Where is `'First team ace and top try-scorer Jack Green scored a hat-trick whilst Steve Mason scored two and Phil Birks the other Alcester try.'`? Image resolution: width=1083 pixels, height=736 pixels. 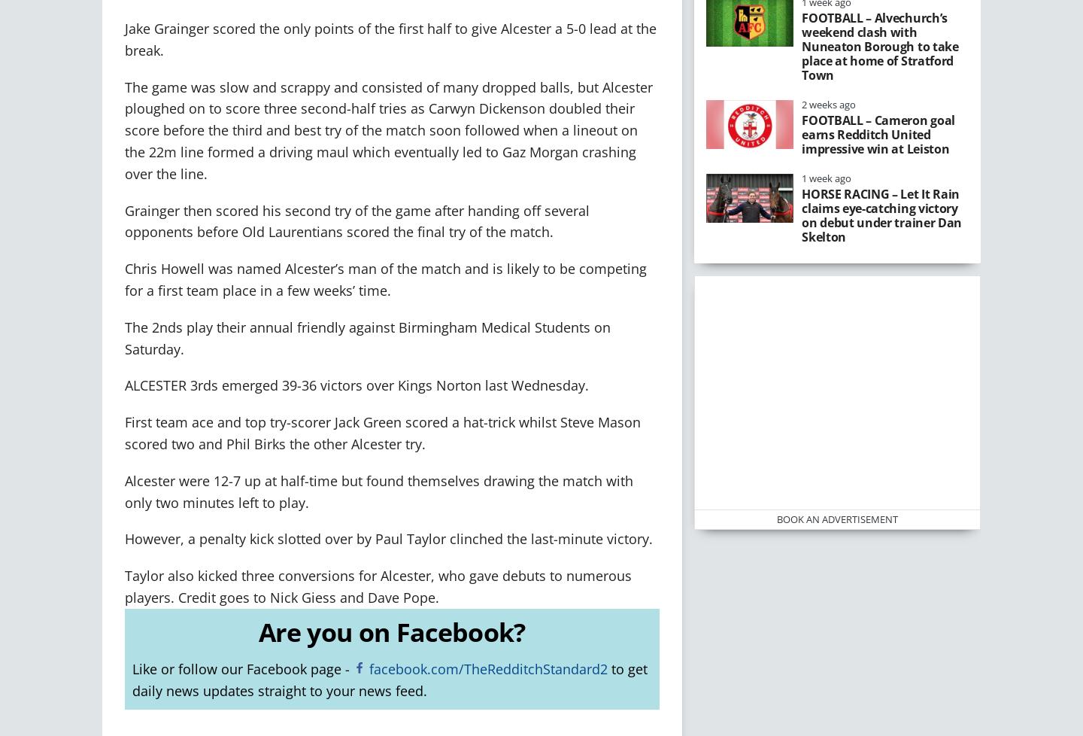 'First team ace and top try-scorer Jack Green scored a hat-trick whilst Steve Mason scored two and Phil Birks the other Alcester try.' is located at coordinates (382, 433).